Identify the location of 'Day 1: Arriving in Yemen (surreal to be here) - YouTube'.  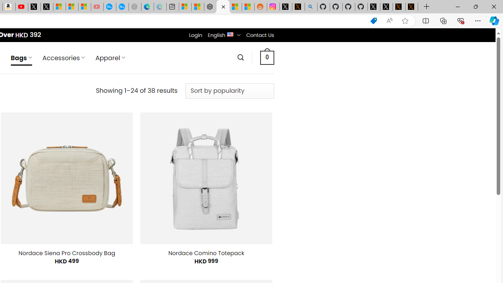
(22, 7).